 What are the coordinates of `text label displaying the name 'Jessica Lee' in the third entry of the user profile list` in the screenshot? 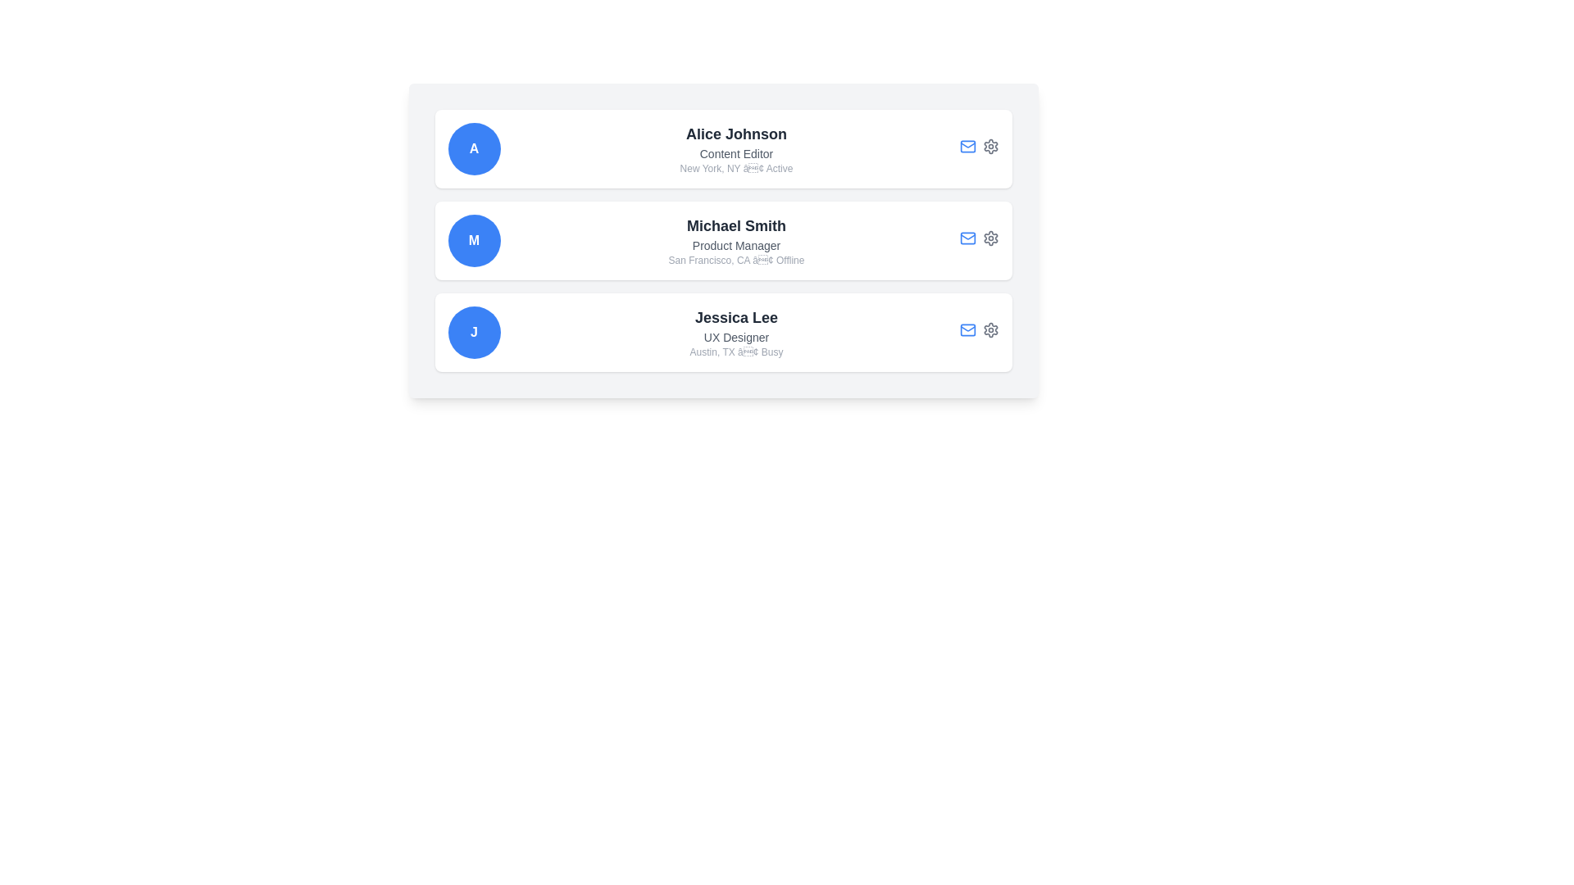 It's located at (735, 318).